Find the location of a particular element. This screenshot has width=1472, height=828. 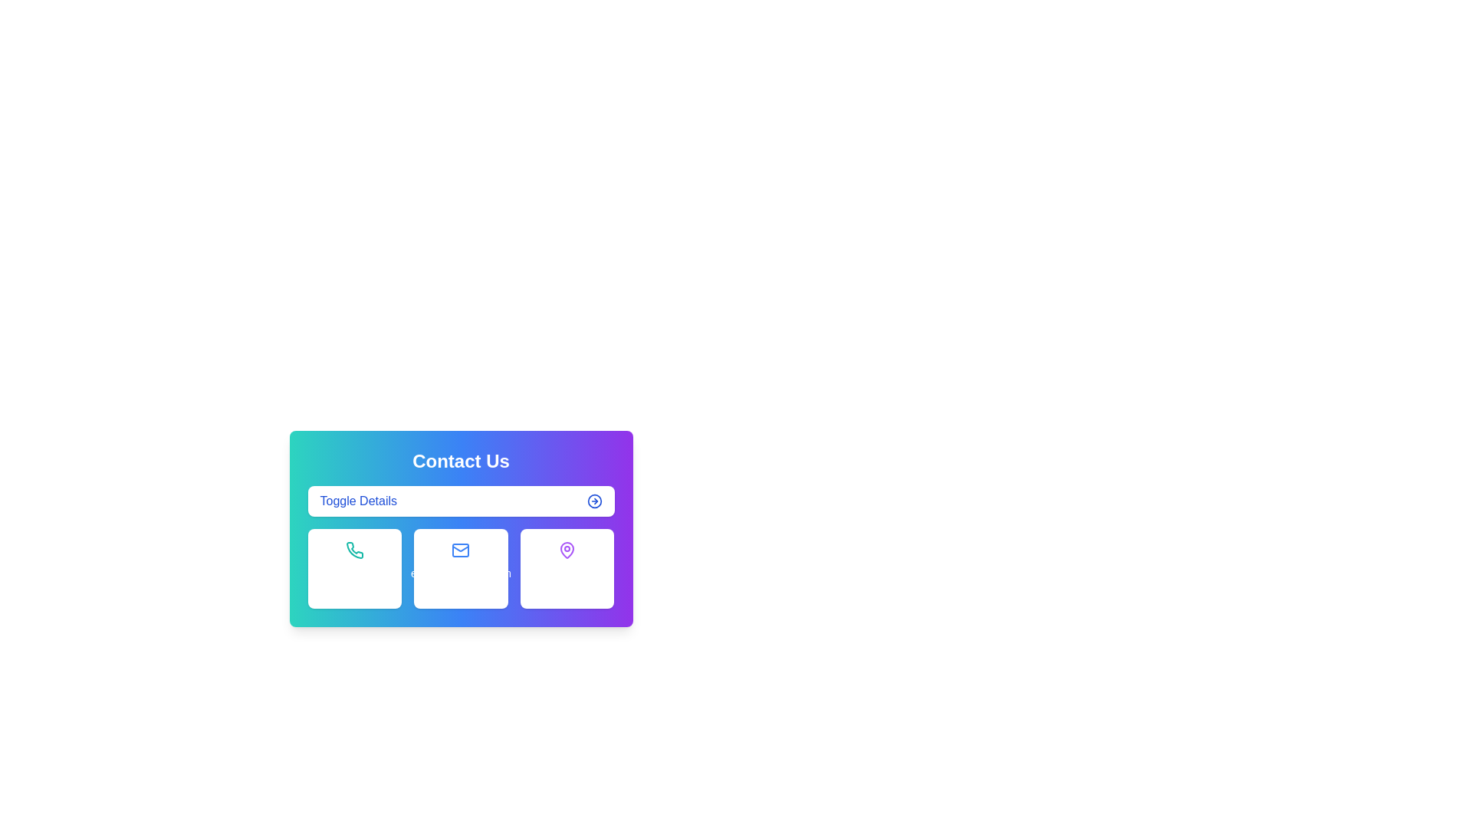

on the display card component that shows the user's email address, located in the middle of a three-item grid layout is located at coordinates (460, 568).